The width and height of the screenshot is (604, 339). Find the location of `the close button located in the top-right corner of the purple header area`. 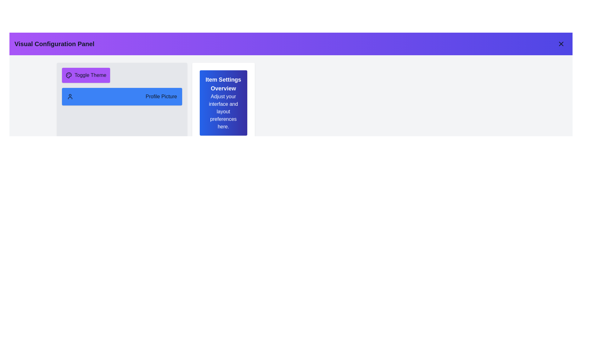

the close button located in the top-right corner of the purple header area is located at coordinates (561, 43).